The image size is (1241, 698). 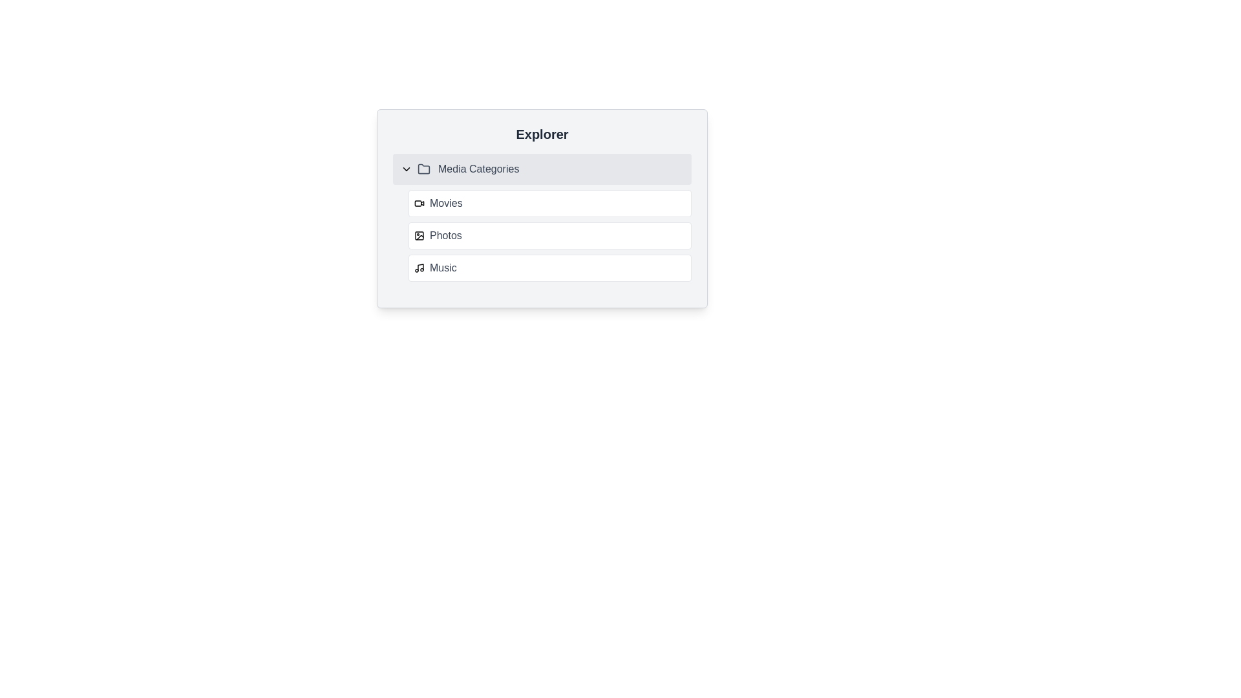 What do you see at coordinates (419, 236) in the screenshot?
I see `the icon resembling a photo or image, located in the 'Photos' section, positioned to the left of the text label 'Photos'` at bounding box center [419, 236].